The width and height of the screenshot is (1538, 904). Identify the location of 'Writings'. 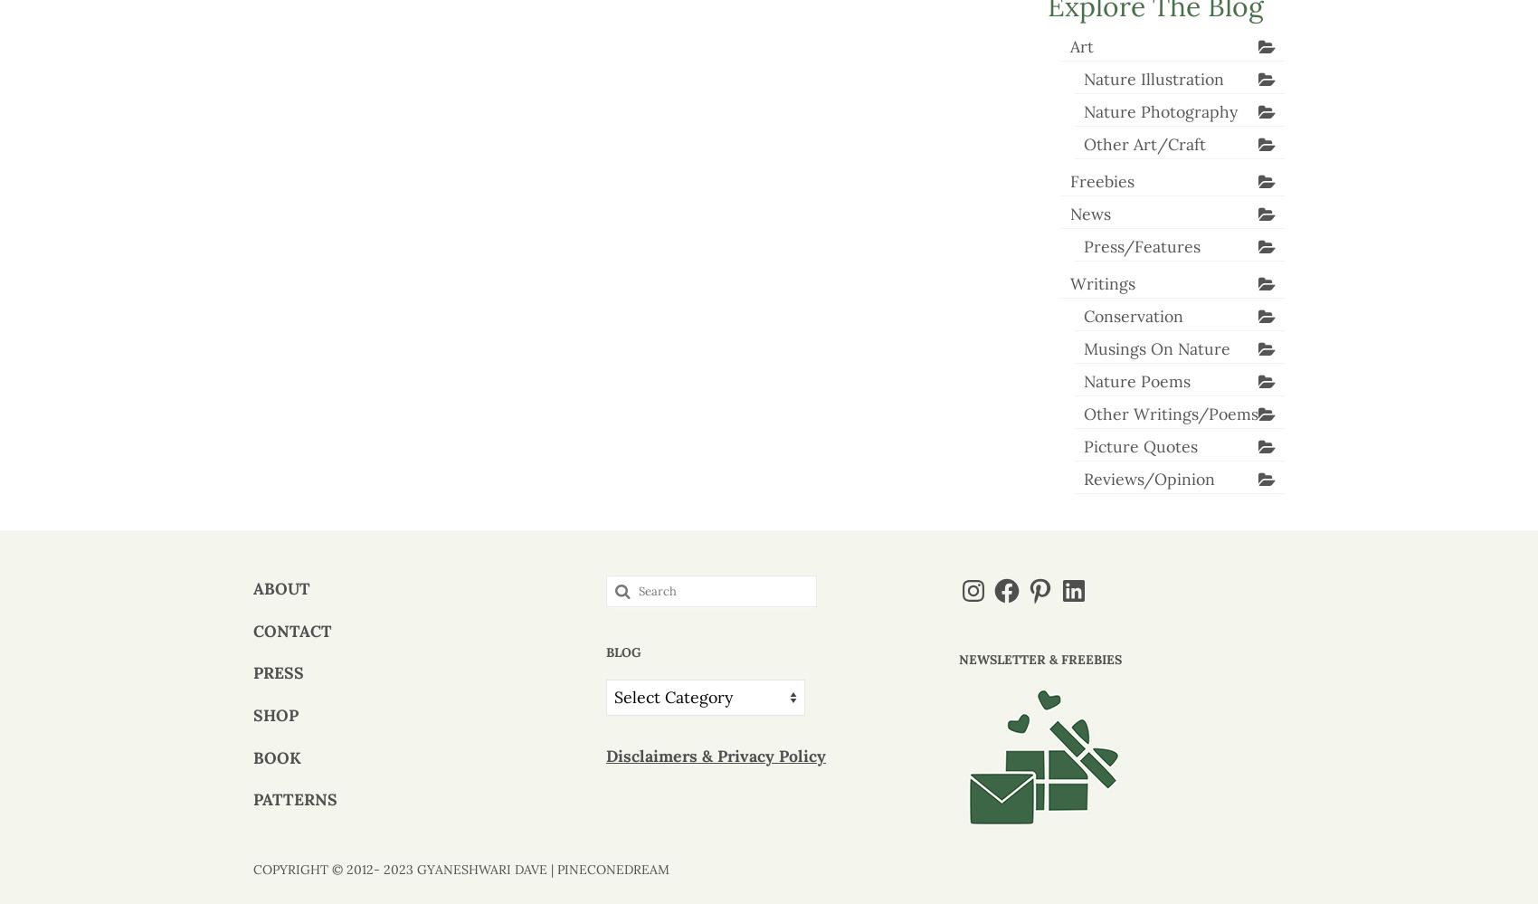
(1068, 281).